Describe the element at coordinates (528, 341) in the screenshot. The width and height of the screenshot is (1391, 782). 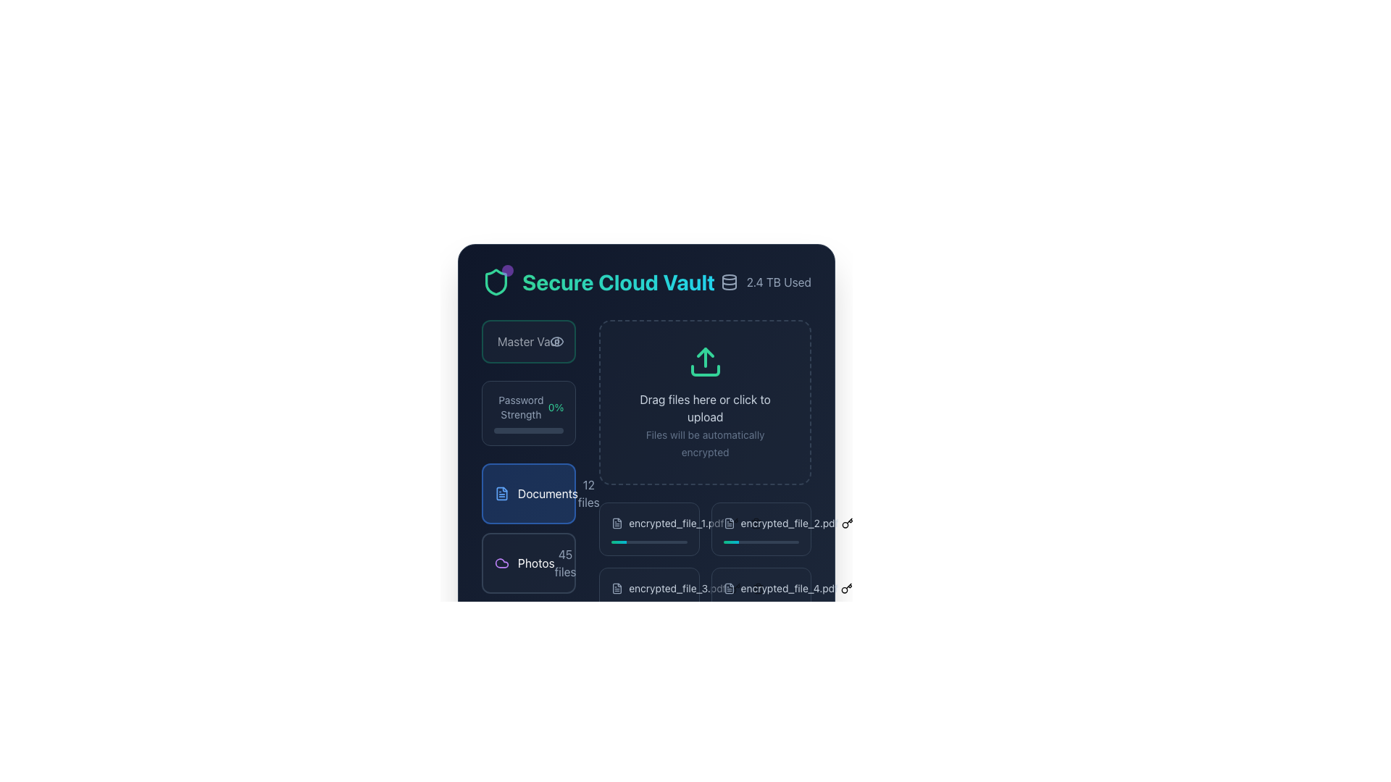
I see `the Password input field with visibility toggle icon` at that location.